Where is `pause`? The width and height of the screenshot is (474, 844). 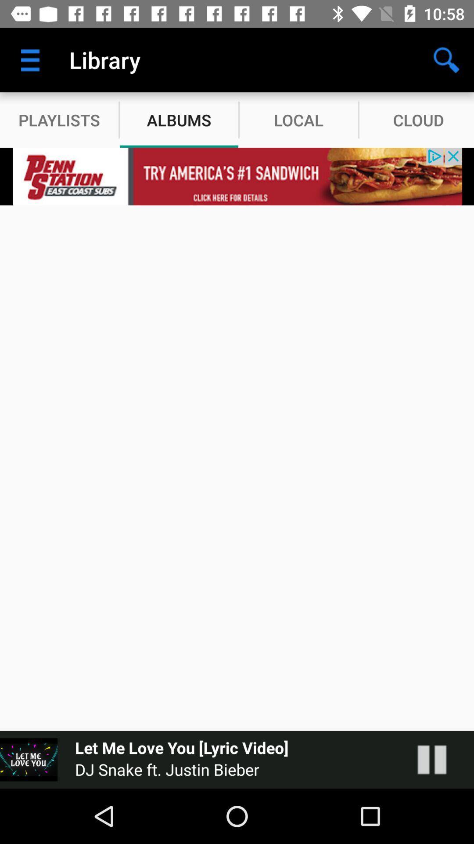
pause is located at coordinates (441, 759).